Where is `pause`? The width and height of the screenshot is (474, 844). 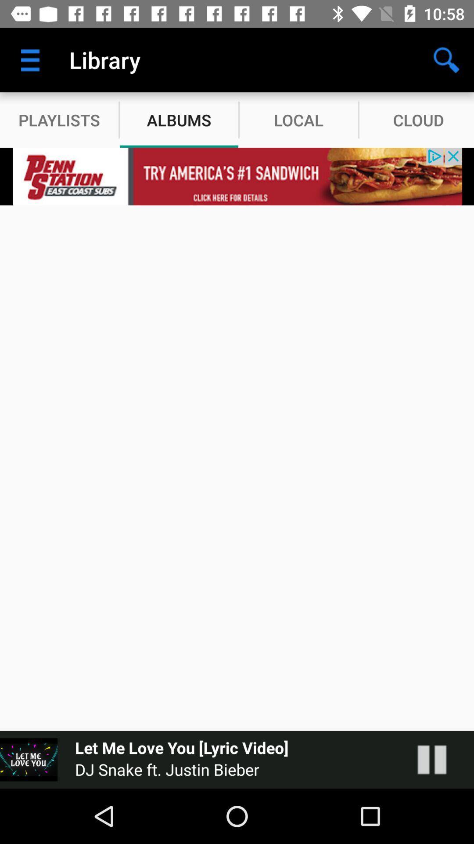
pause is located at coordinates (441, 759).